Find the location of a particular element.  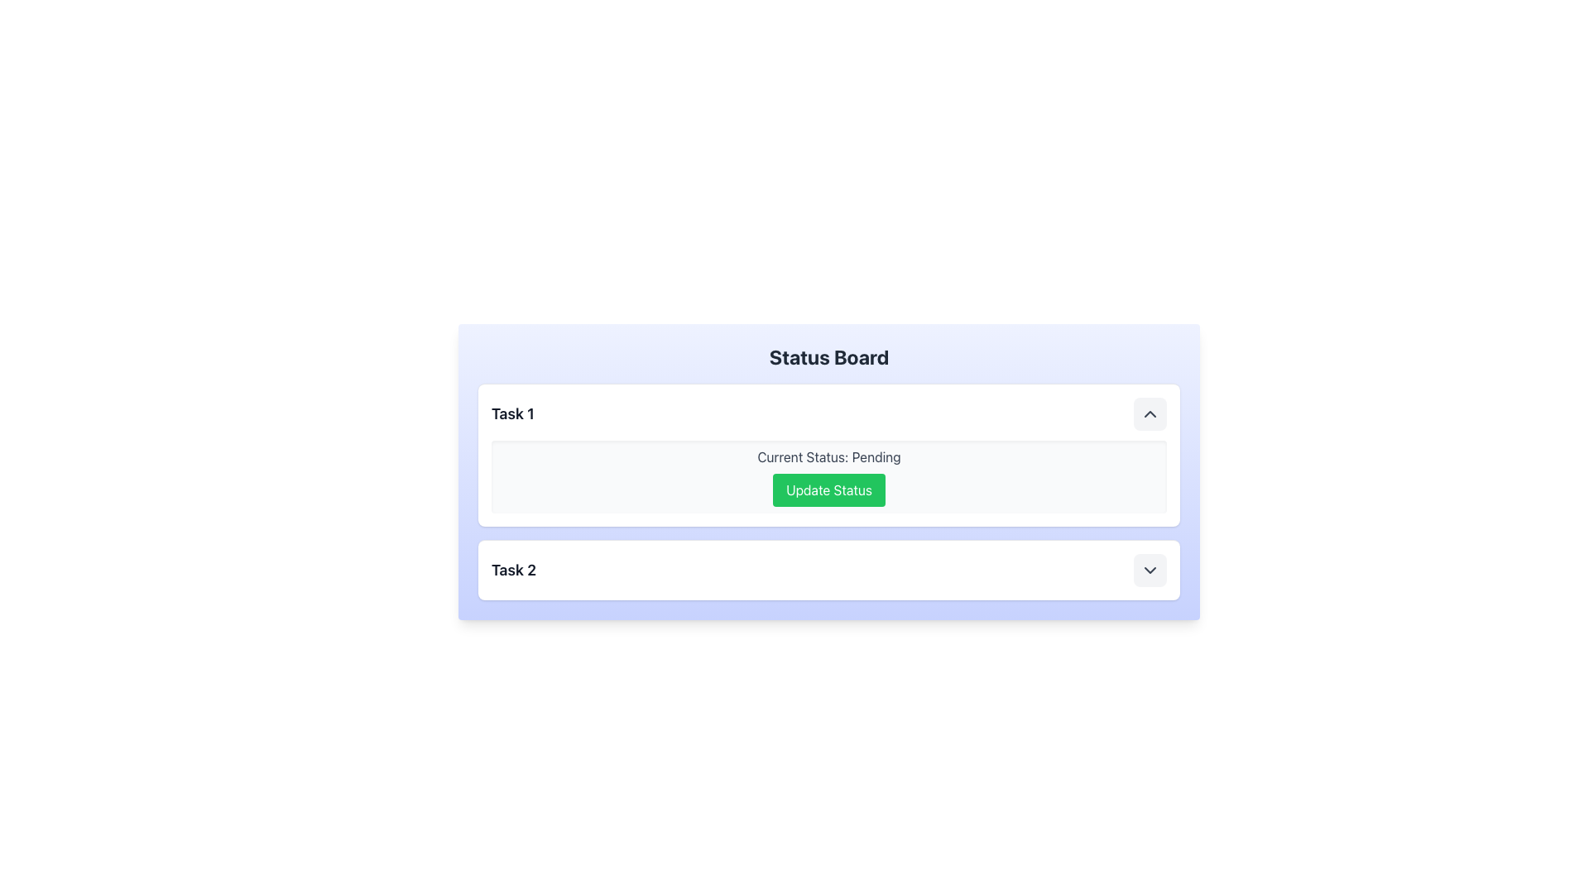

text from the Text Label displaying 'Current Status: Pending' located above the 'Update Status' button in the status update section for 'Task 1' is located at coordinates (829, 456).